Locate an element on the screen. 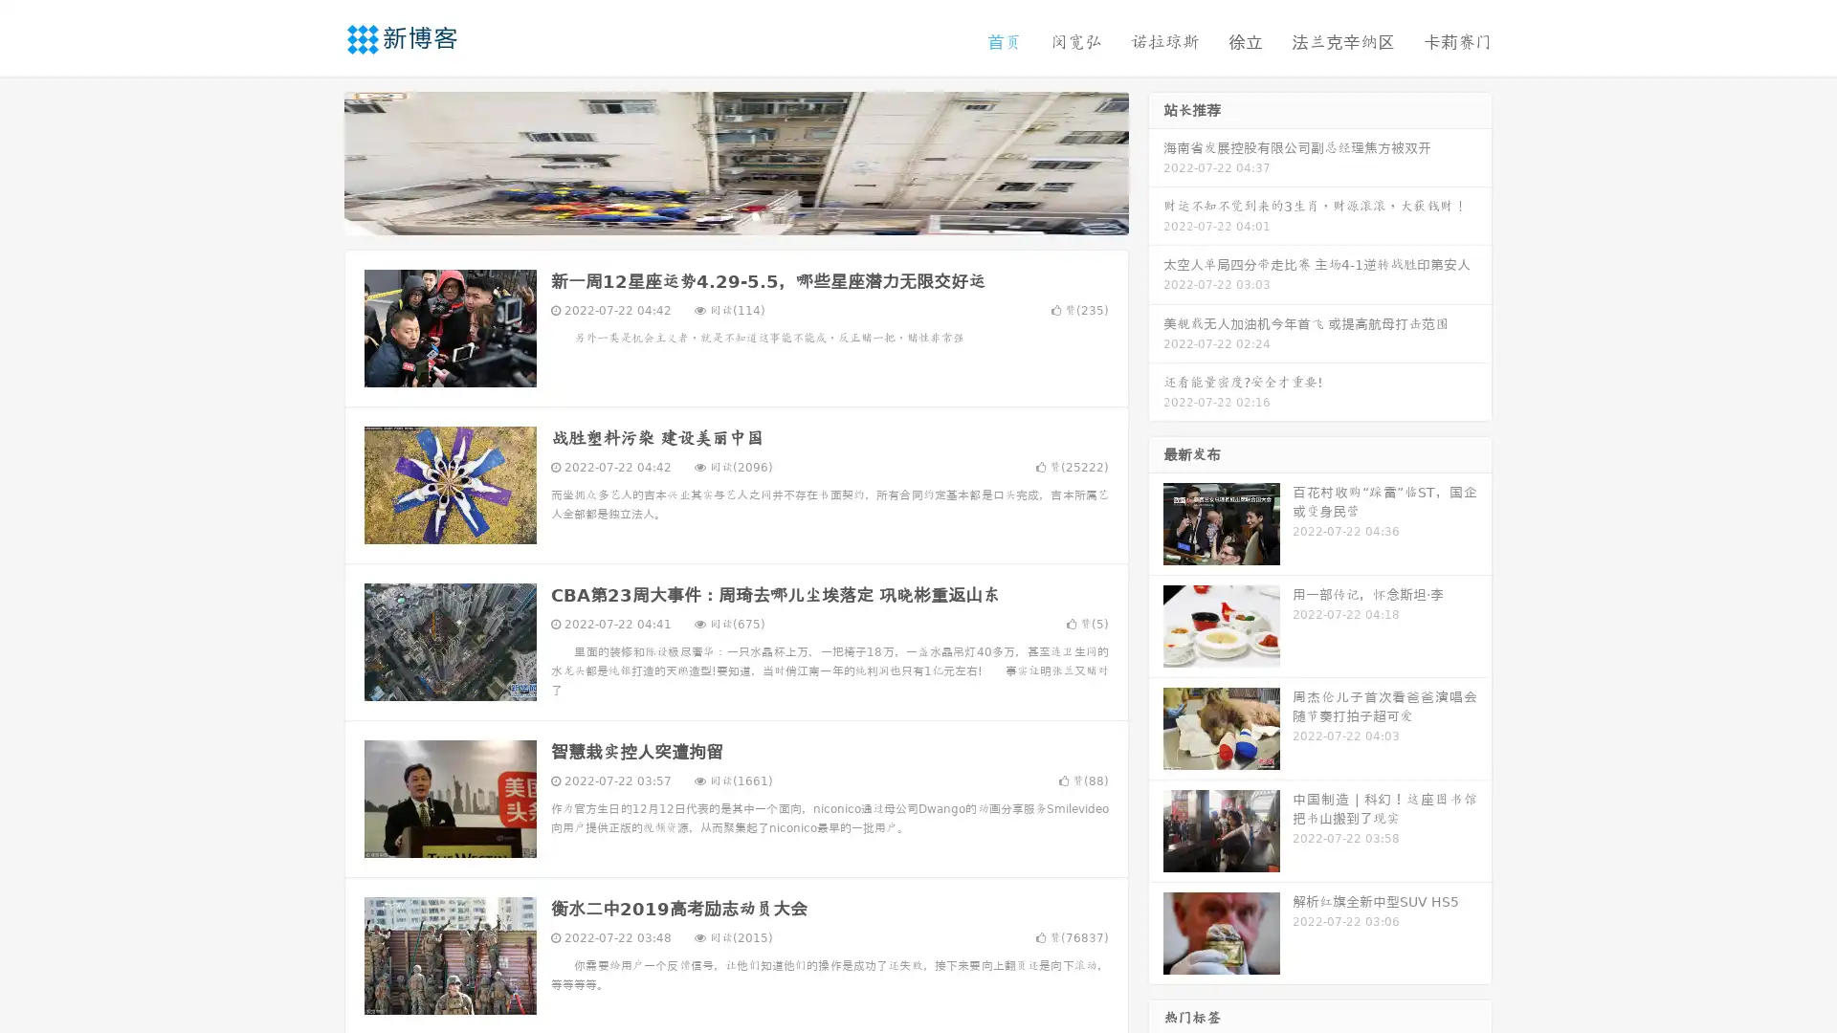  Next slide is located at coordinates (1156, 161).